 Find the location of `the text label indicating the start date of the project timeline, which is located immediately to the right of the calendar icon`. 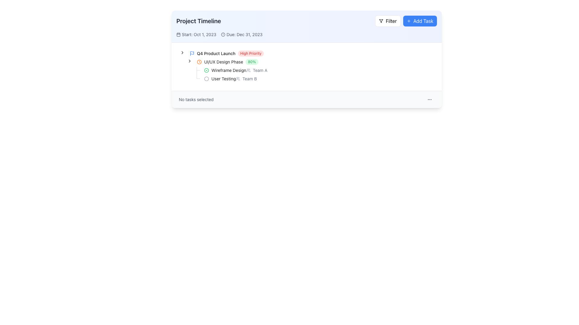

the text label indicating the start date of the project timeline, which is located immediately to the right of the calendar icon is located at coordinates (199, 35).